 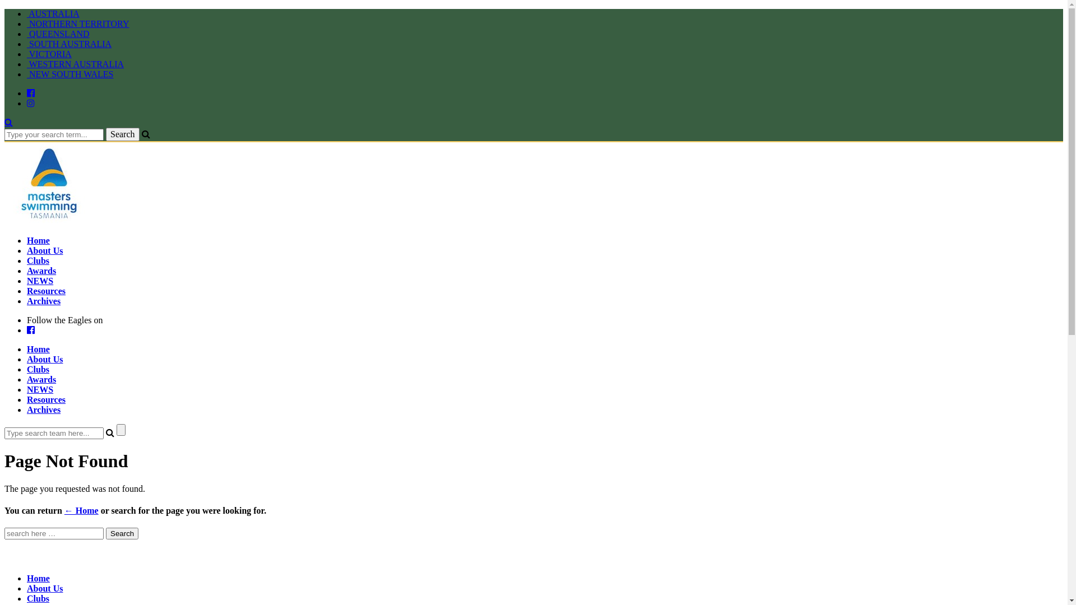 What do you see at coordinates (58, 33) in the screenshot?
I see `'QUEENSLAND'` at bounding box center [58, 33].